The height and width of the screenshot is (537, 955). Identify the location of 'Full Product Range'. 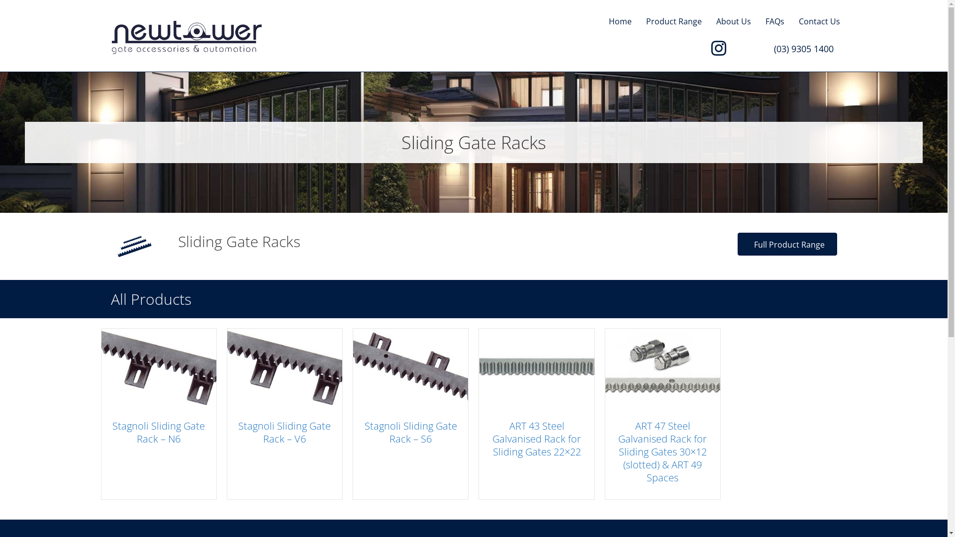
(737, 244).